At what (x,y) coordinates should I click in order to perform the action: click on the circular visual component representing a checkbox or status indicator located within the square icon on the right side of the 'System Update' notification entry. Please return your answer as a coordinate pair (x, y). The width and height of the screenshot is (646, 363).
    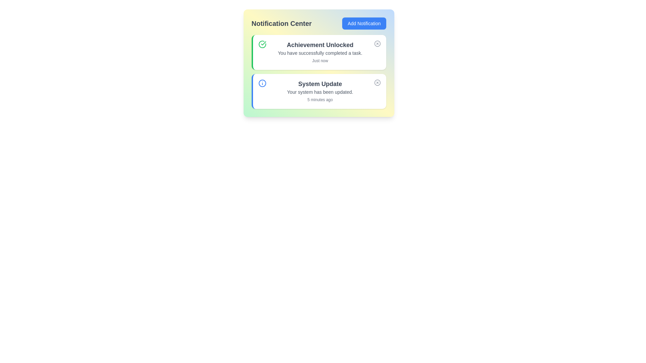
    Looking at the image, I should click on (377, 82).